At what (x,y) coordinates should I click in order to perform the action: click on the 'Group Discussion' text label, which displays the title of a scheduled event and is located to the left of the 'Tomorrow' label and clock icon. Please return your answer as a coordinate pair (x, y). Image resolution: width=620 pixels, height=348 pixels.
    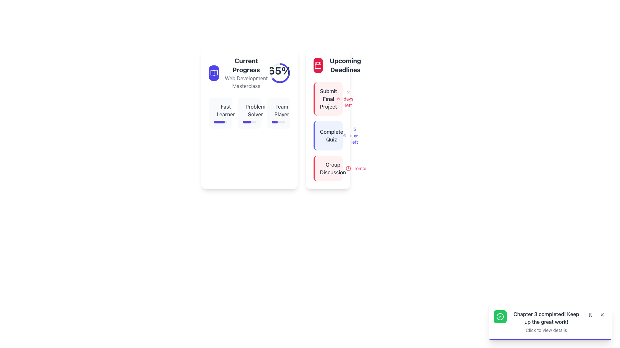
    Looking at the image, I should click on (333, 168).